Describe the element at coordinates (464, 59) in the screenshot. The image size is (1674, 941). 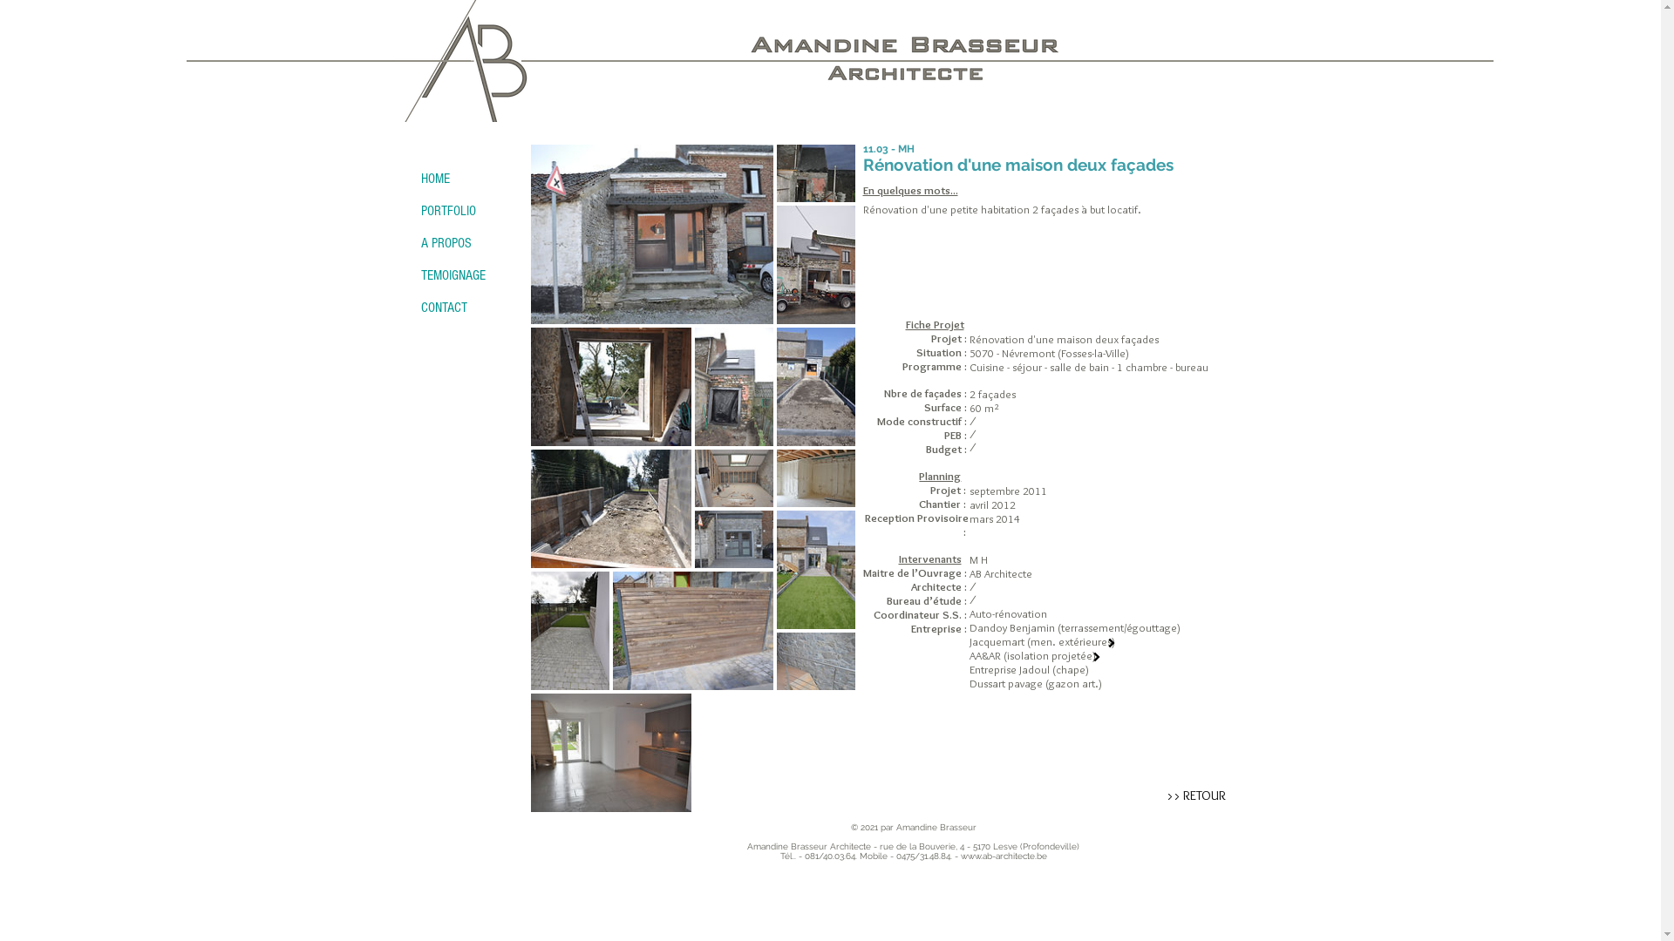
I see `'brasseur_fond_blanc.png'` at that location.